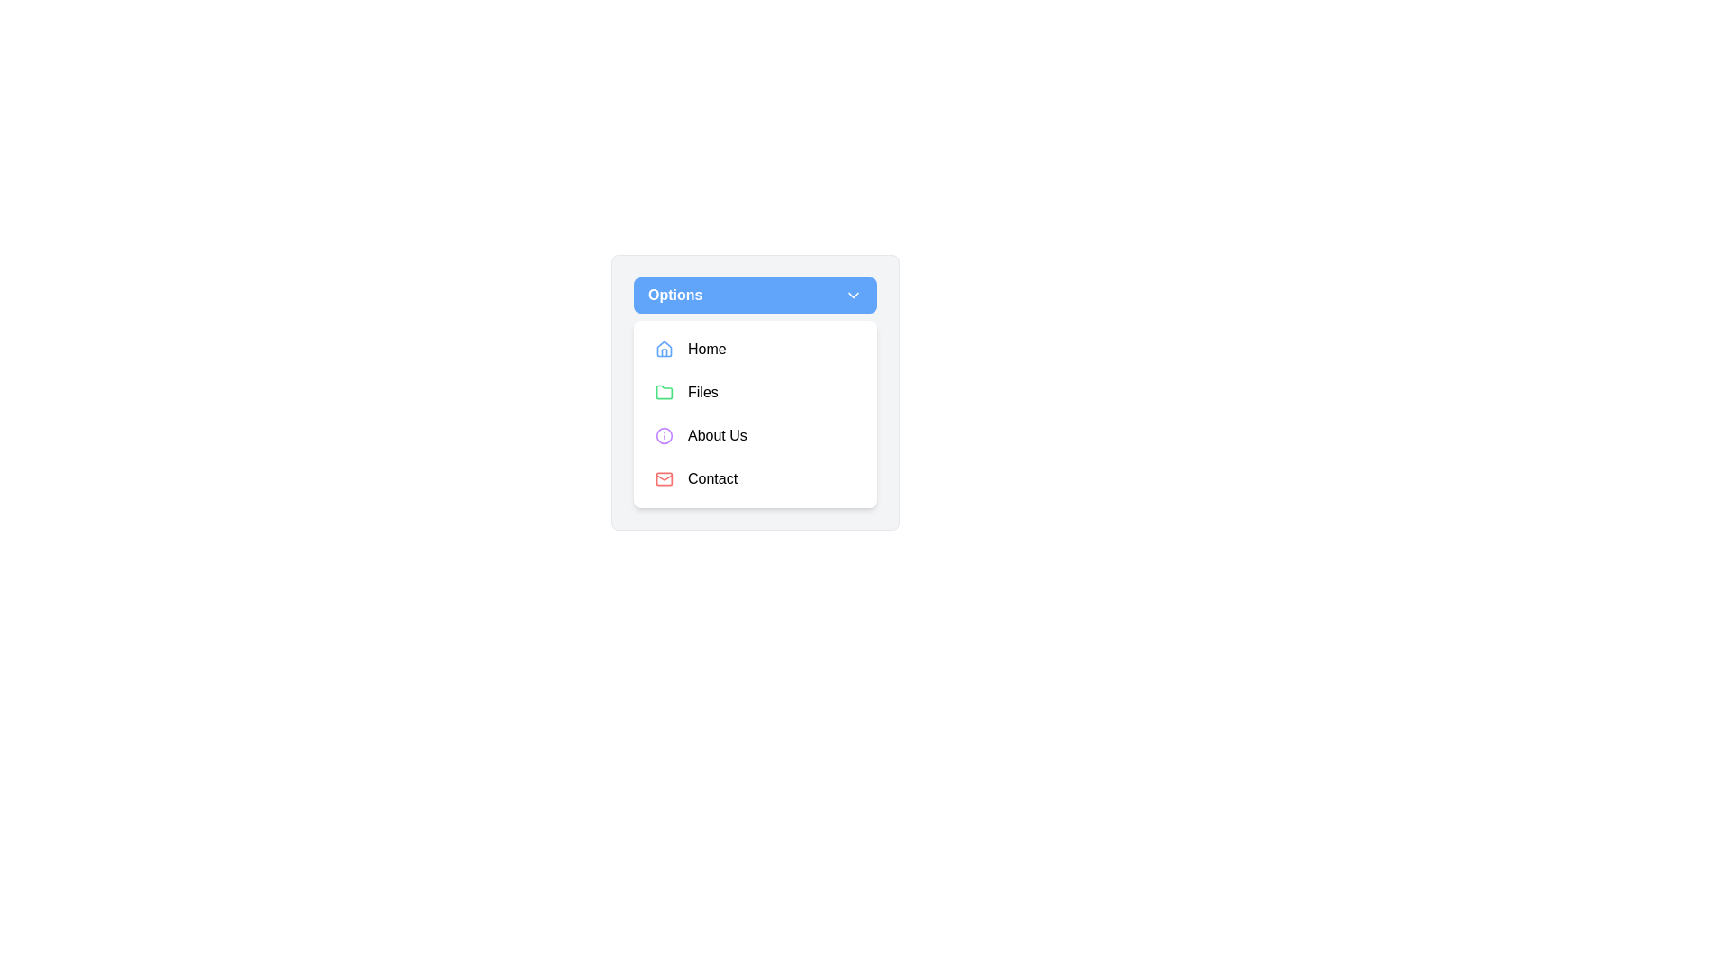 The height and width of the screenshot is (973, 1729). Describe the element at coordinates (664, 350) in the screenshot. I see `the 'Home' icon located in the dropdown menu under 'Options', which is the first icon to the left of the 'Home' label` at that location.